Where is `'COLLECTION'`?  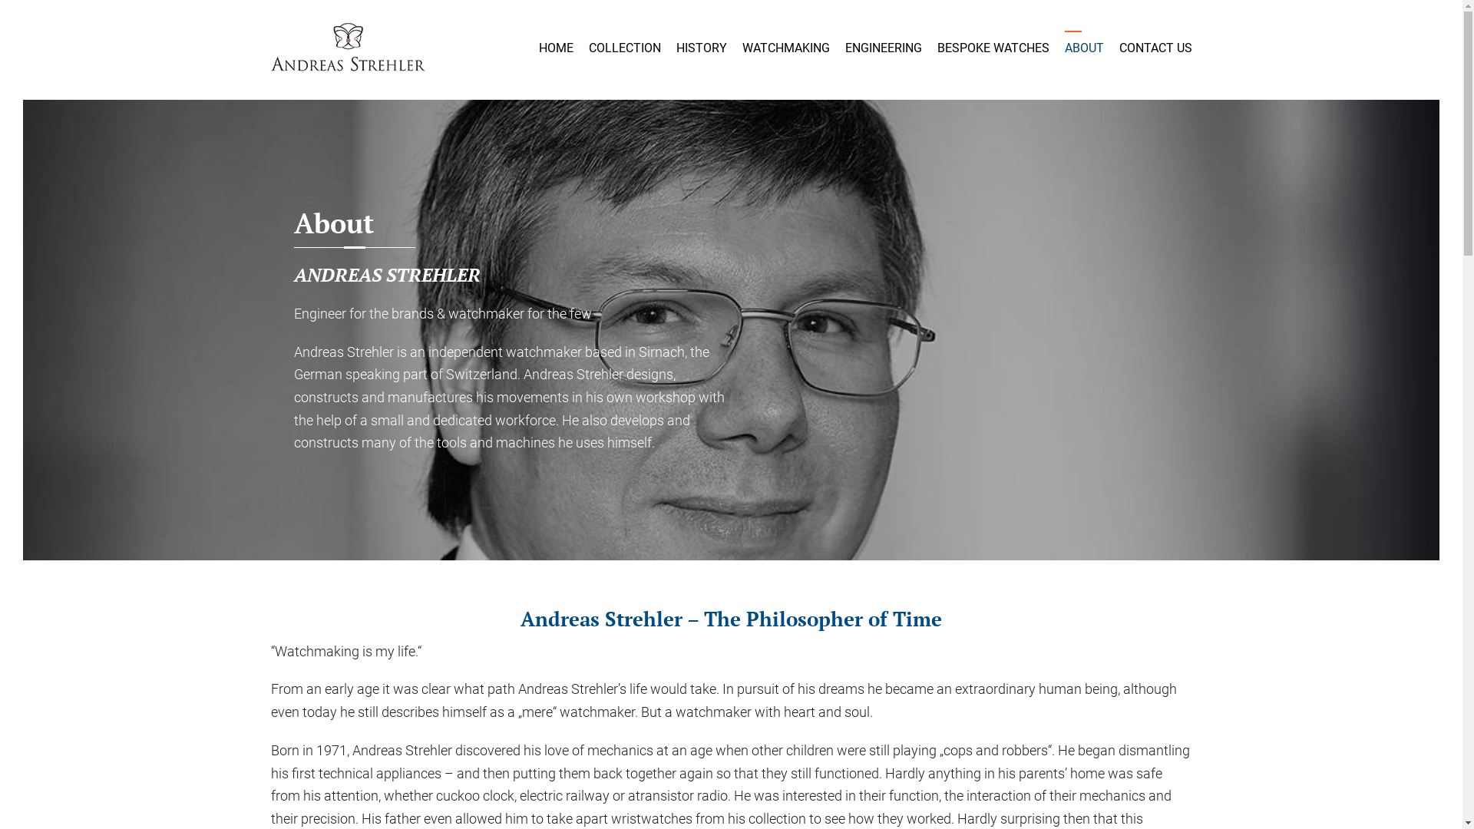 'COLLECTION' is located at coordinates (623, 47).